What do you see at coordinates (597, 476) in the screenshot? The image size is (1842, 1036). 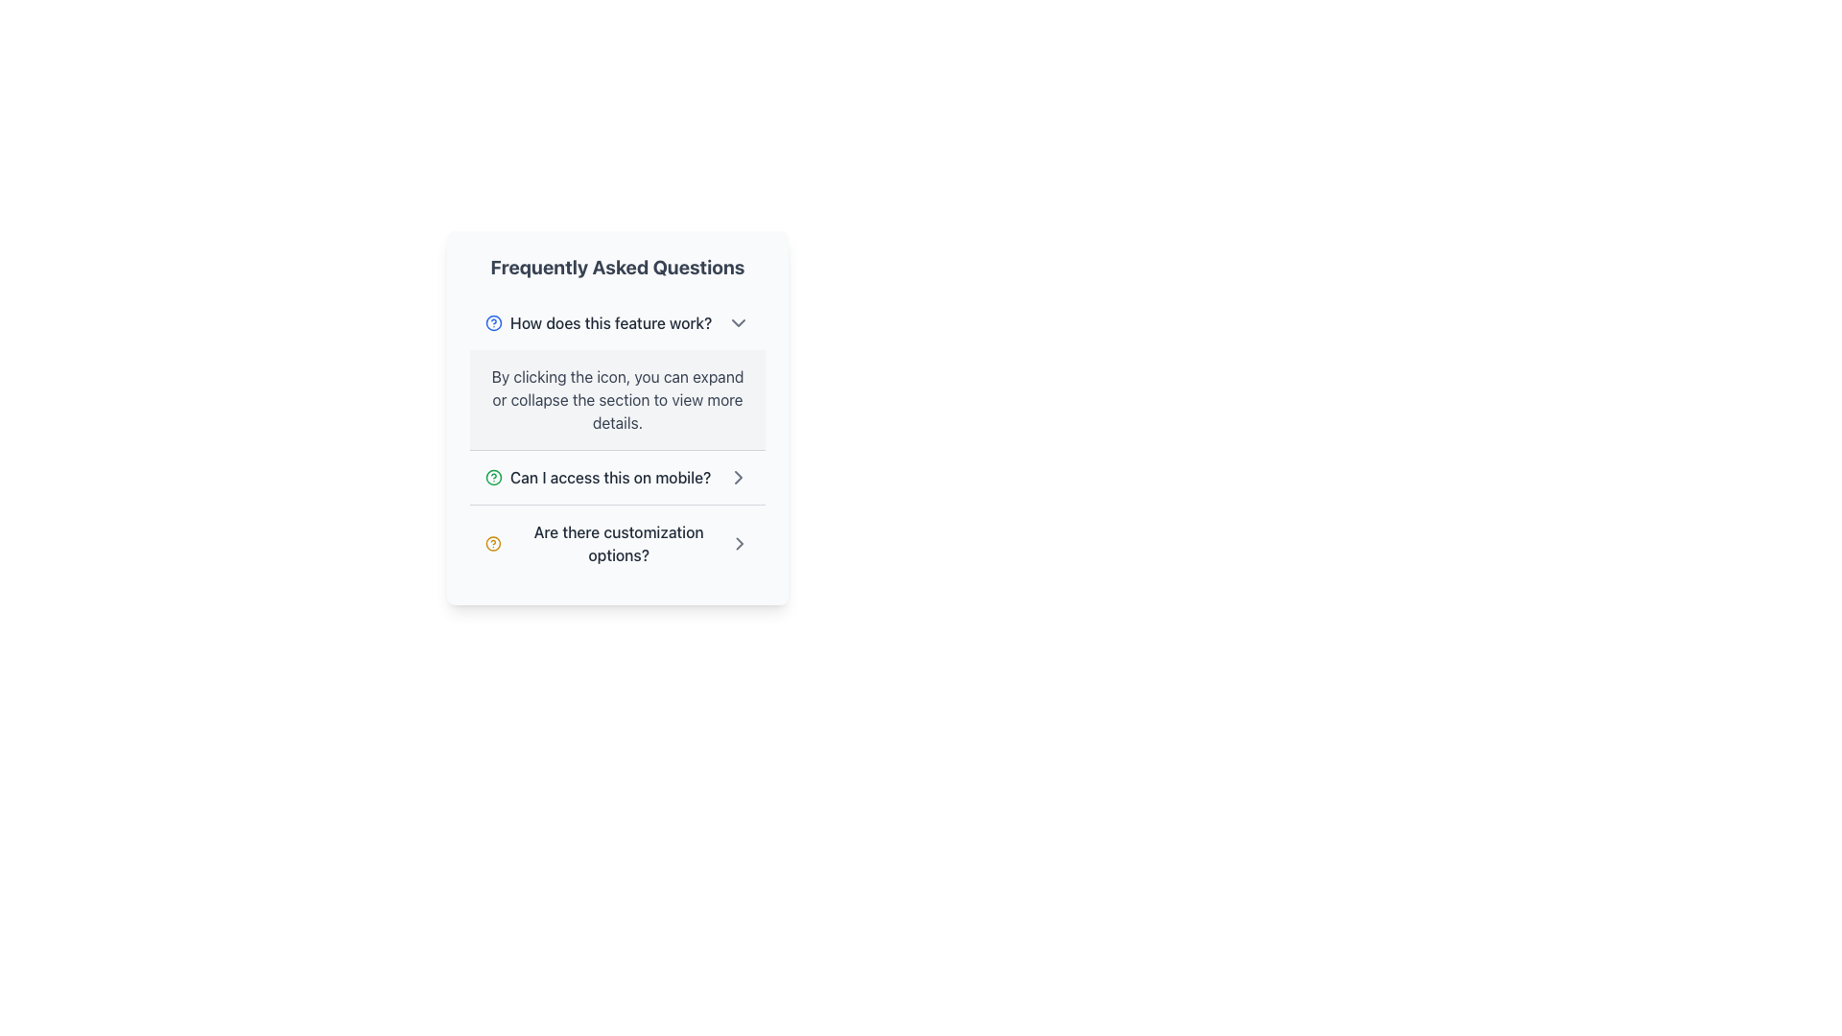 I see `the second question in the FAQ section, styled with a black, medium-weight font and preceded by a green circular help icon` at bounding box center [597, 476].